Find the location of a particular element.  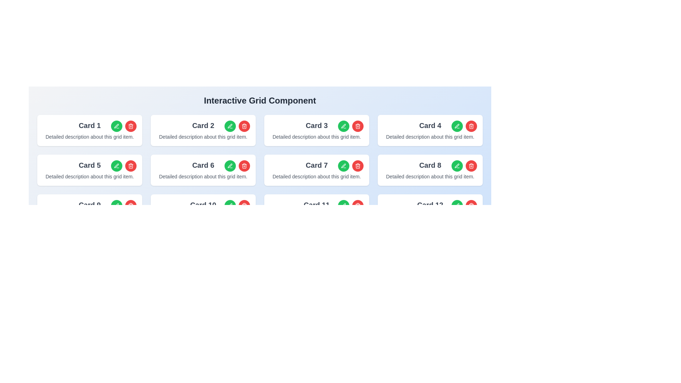

the circular red button with a trash can icon located in the top-right corner of 'Card 8' is located at coordinates (471, 166).